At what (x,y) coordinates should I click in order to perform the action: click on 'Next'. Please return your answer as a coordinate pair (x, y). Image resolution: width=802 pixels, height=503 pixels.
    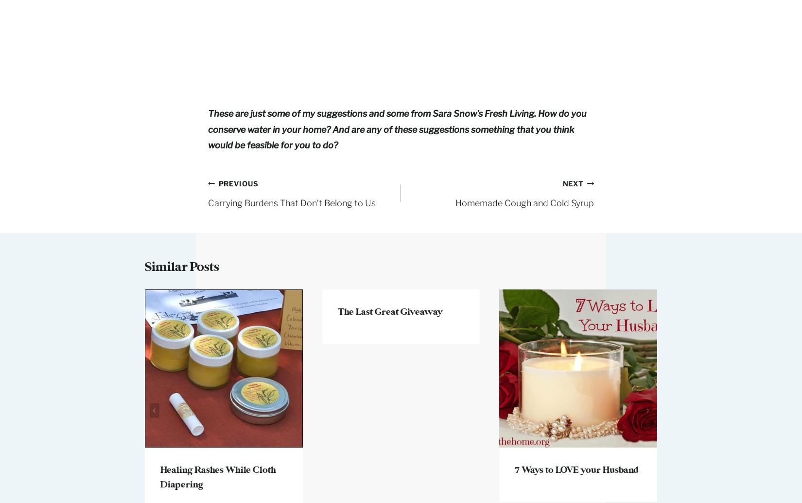
    Looking at the image, I should click on (562, 182).